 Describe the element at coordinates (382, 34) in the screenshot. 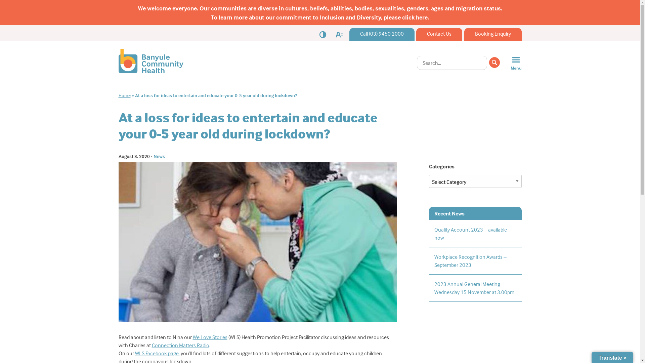

I see `'Call (03) 9450 2000'` at that location.